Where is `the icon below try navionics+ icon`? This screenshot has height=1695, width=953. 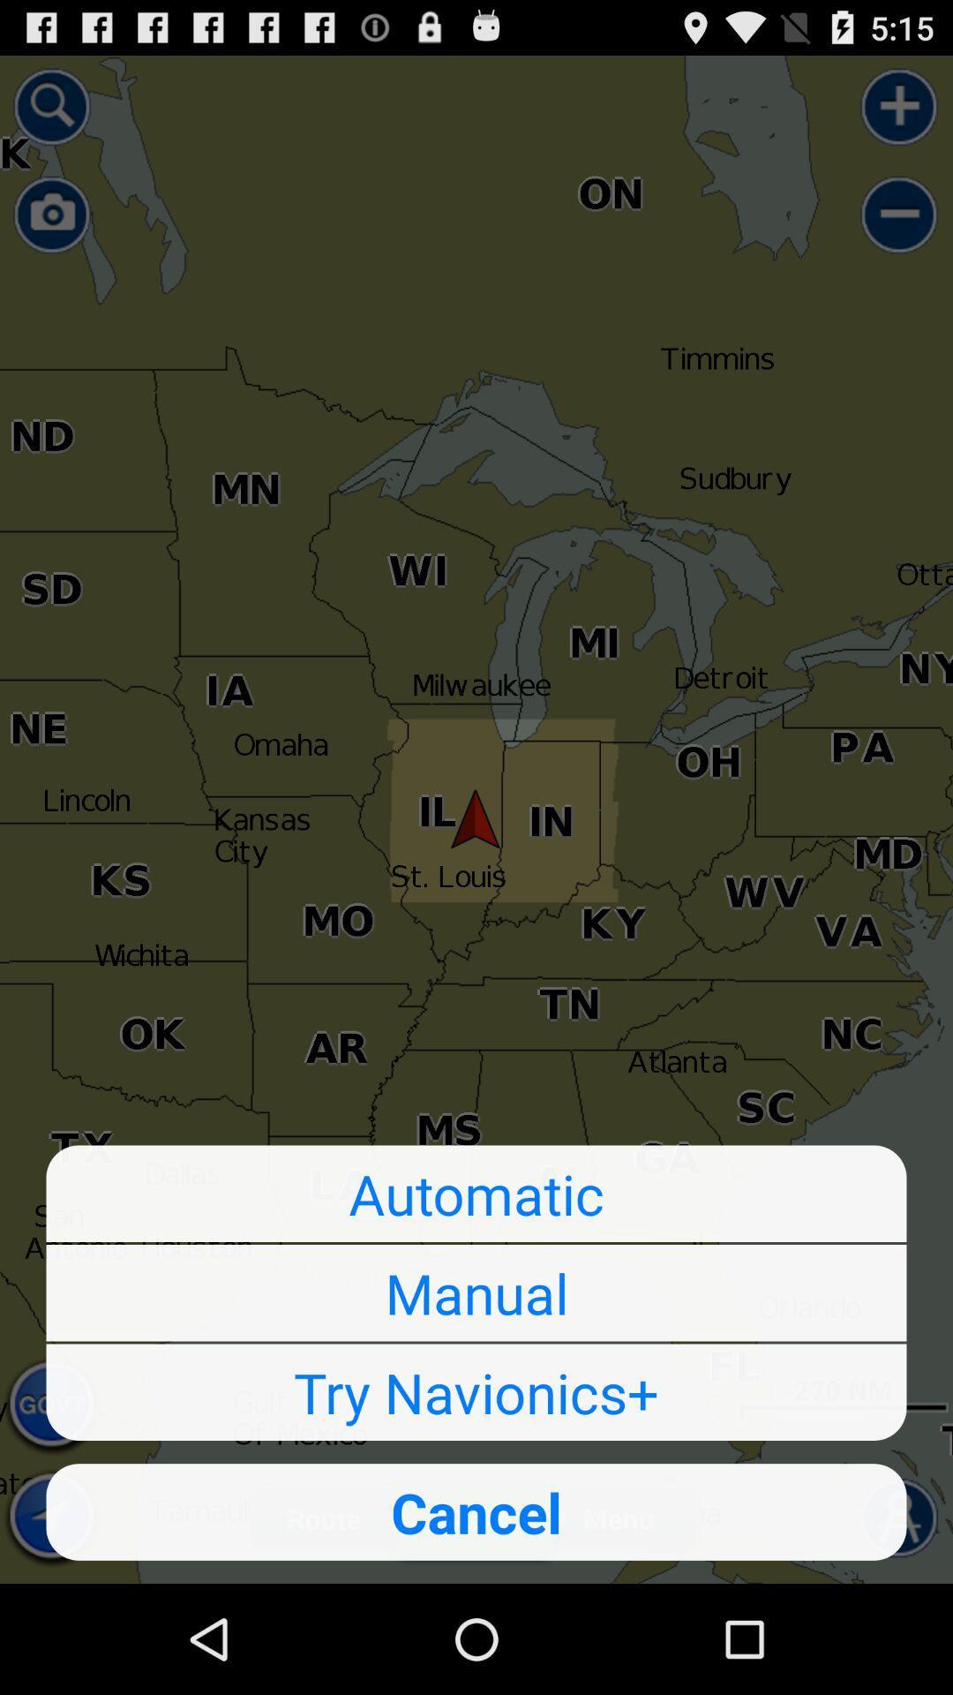
the icon below try navionics+ icon is located at coordinates (476, 1511).